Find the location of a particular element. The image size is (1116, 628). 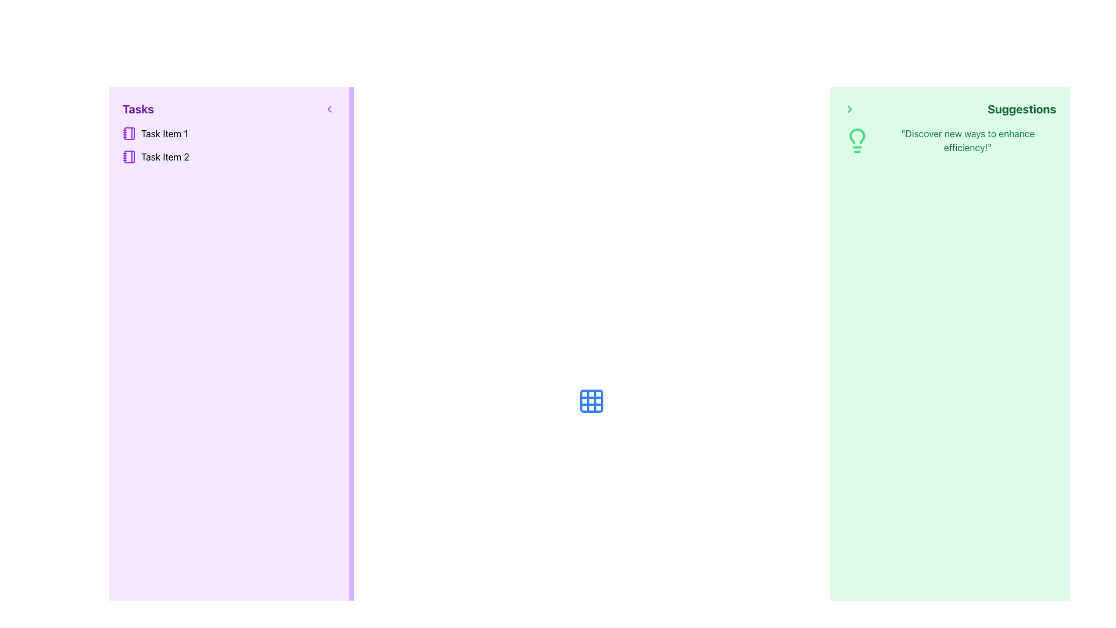

the small, rightward-pointing green chevron icon in the 'Suggestions' section is located at coordinates (849, 109).